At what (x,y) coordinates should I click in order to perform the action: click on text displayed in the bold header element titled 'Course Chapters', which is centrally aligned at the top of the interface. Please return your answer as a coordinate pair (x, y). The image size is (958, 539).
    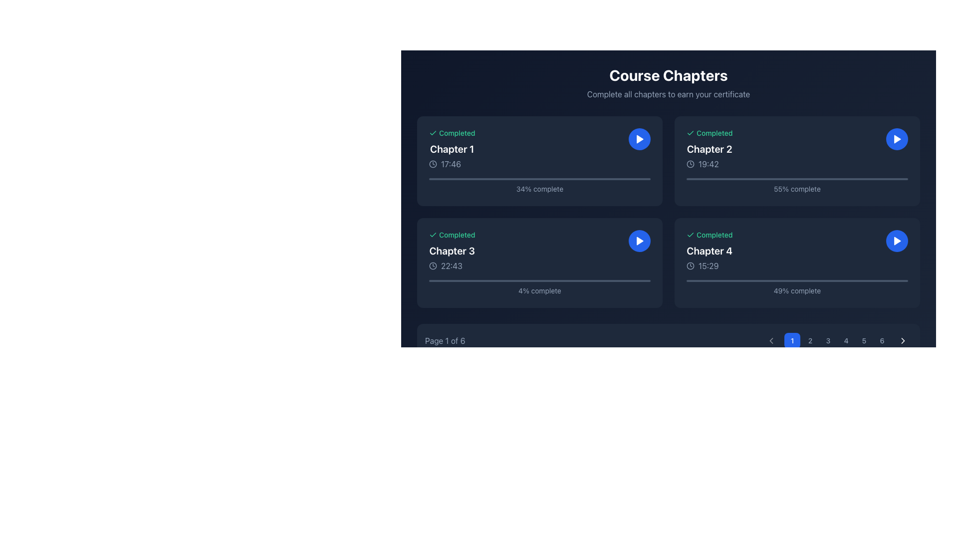
    Looking at the image, I should click on (668, 74).